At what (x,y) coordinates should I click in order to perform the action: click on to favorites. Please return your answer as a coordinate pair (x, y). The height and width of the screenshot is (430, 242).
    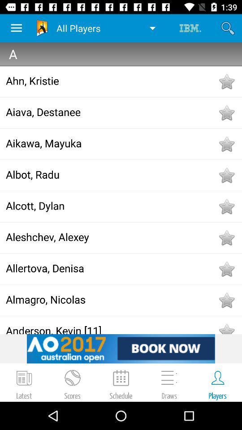
    Looking at the image, I should click on (226, 206).